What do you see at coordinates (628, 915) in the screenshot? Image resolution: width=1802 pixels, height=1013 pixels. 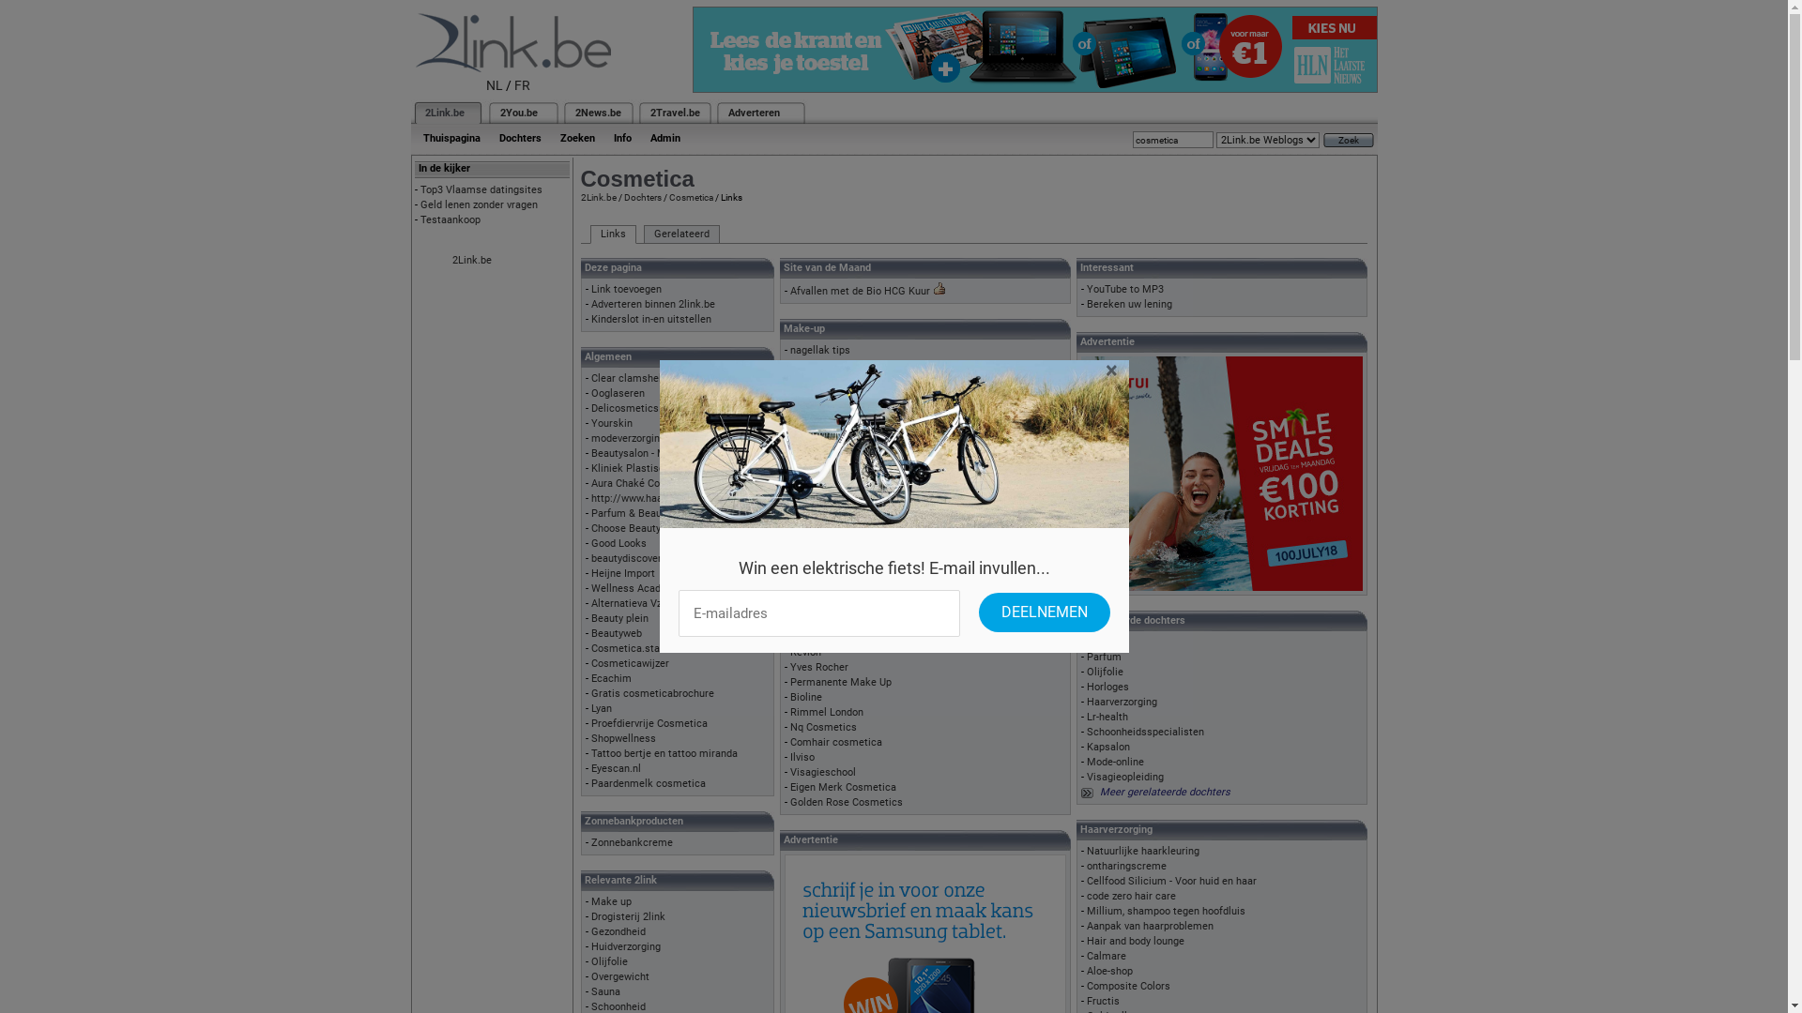 I see `'Drogisterij 2link'` at bounding box center [628, 915].